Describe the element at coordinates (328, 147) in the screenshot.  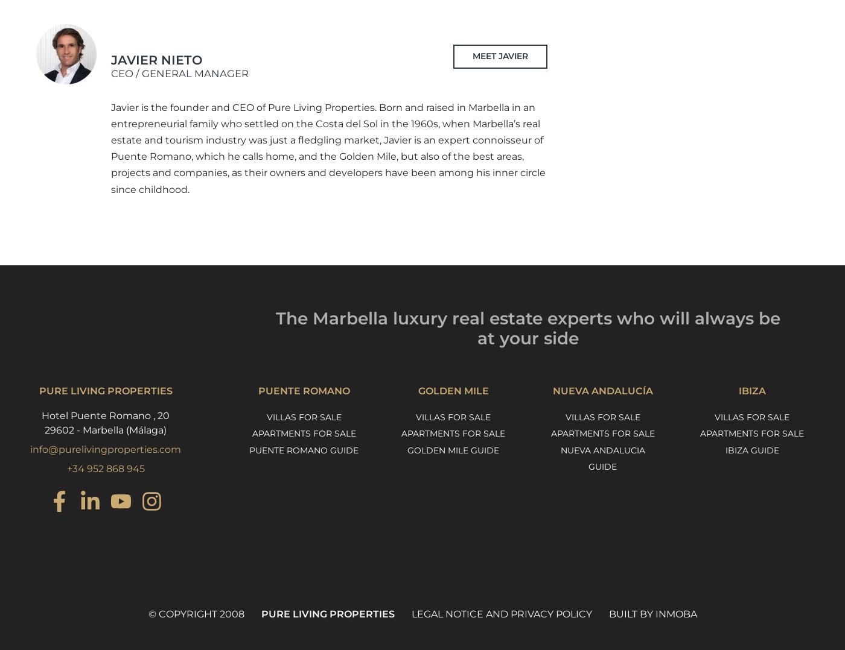
I see `'Javier is the founder and CEO of Pure Living Properties. Born and raised in Marbella in an entrepreneurial family who settled on the Costa del Sol in the 1960s, when Marbella’s real estate and tourism industry was just a fledgling market, Javier is an expert connoisseur of Puente Romano, which he calls home, and the Golden Mile, but also of the best areas, projects and companies, as their owners and developers have been among his inner circle since childhood.'` at that location.